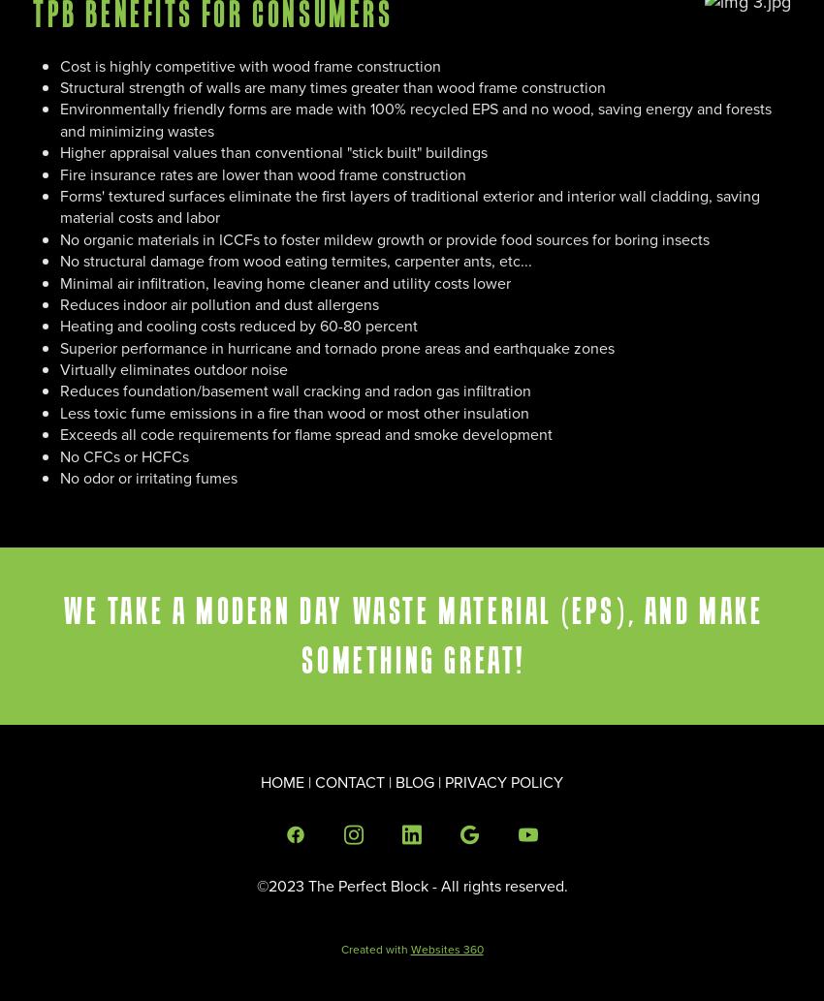 The image size is (824, 1001). Describe the element at coordinates (332, 87) in the screenshot. I see `'Structural strength of walls are many times greater than wood frame construction'` at that location.